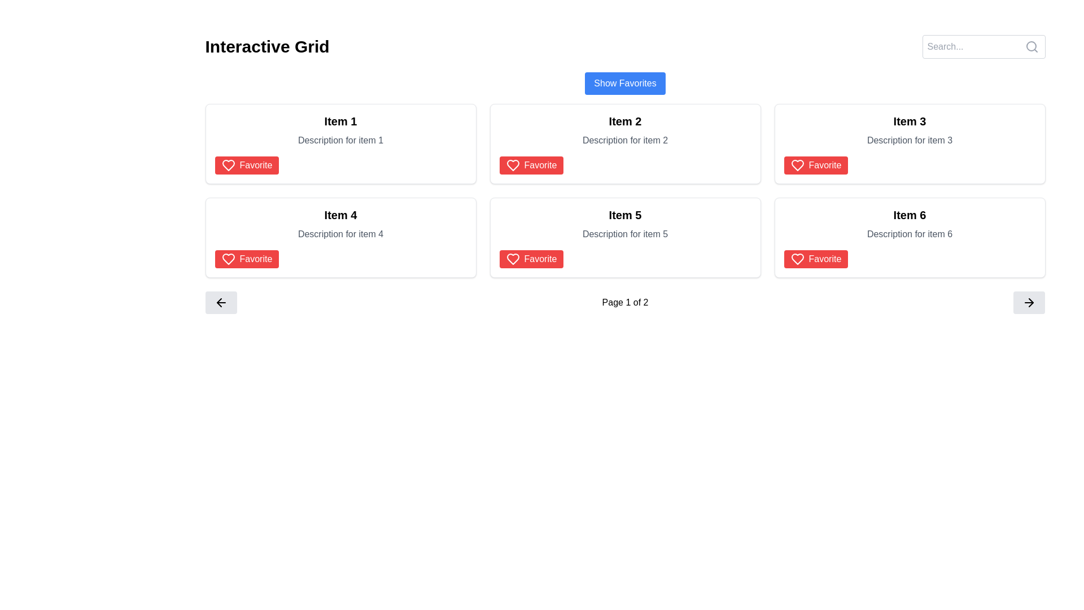  What do you see at coordinates (228, 165) in the screenshot?
I see `the heart-shaped icon inside the 'Favorite' button located in the bottom-left corner of the grid card for 'Item 1'` at bounding box center [228, 165].